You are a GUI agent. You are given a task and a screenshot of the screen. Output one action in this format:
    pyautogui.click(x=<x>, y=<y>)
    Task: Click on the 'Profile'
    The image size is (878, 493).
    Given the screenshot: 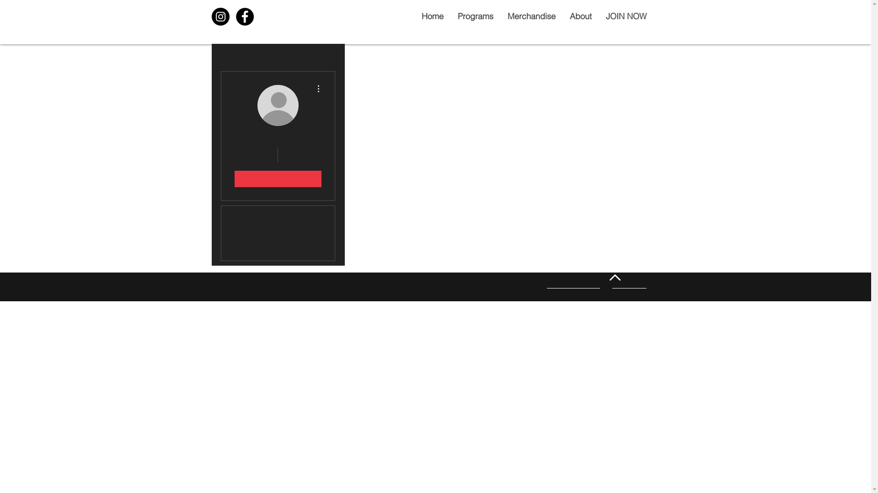 What is the action you would take?
    pyautogui.click(x=278, y=215)
    